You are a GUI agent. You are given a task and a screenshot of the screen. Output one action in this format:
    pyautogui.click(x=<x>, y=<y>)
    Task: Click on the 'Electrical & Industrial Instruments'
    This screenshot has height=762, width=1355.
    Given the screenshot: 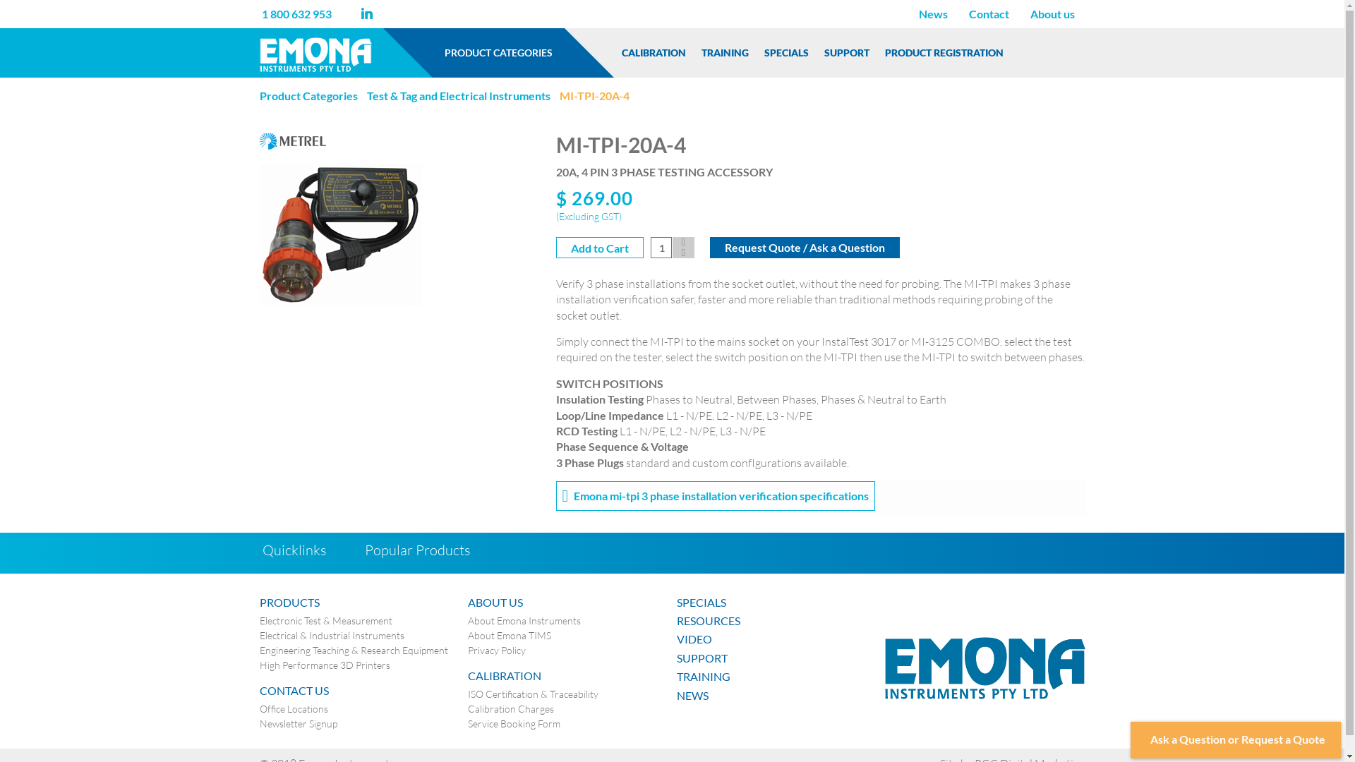 What is the action you would take?
    pyautogui.click(x=331, y=636)
    